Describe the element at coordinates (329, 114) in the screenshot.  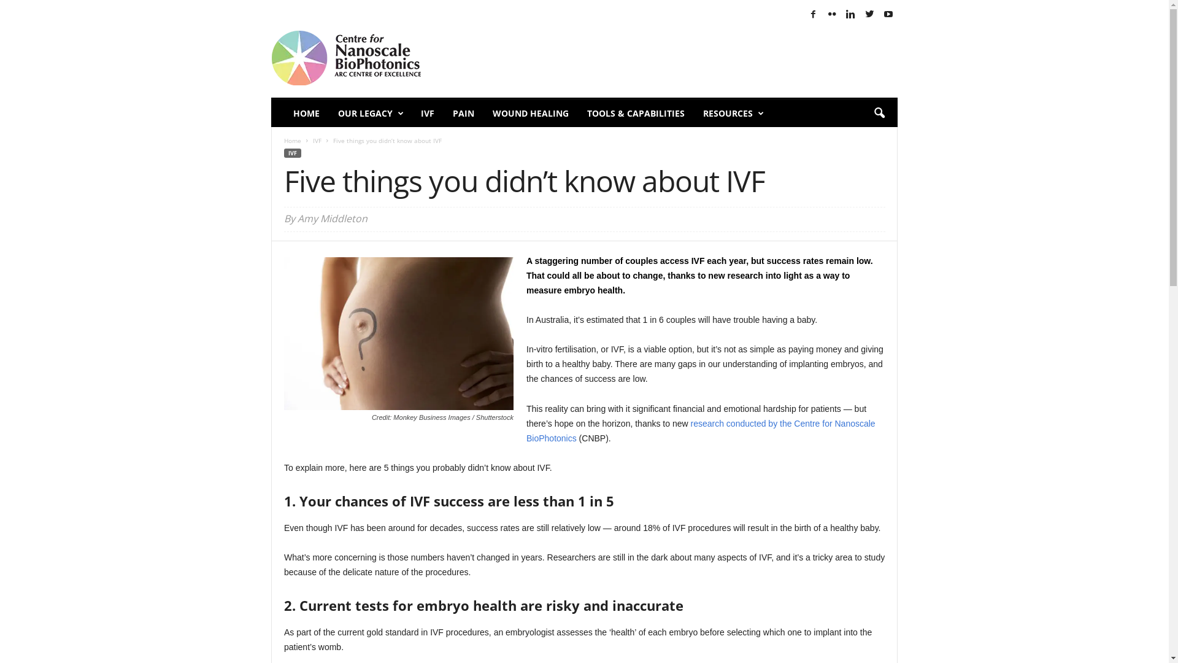
I see `'OUR LEGACY'` at that location.